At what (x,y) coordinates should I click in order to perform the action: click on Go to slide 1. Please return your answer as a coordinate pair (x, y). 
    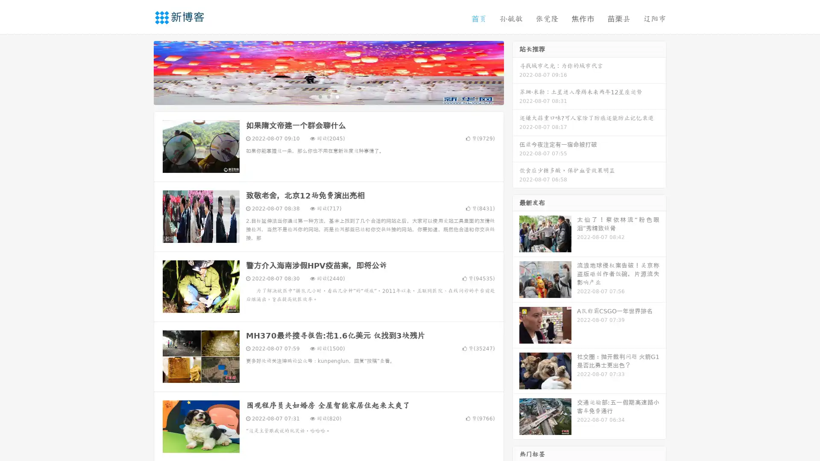
    Looking at the image, I should click on (319, 96).